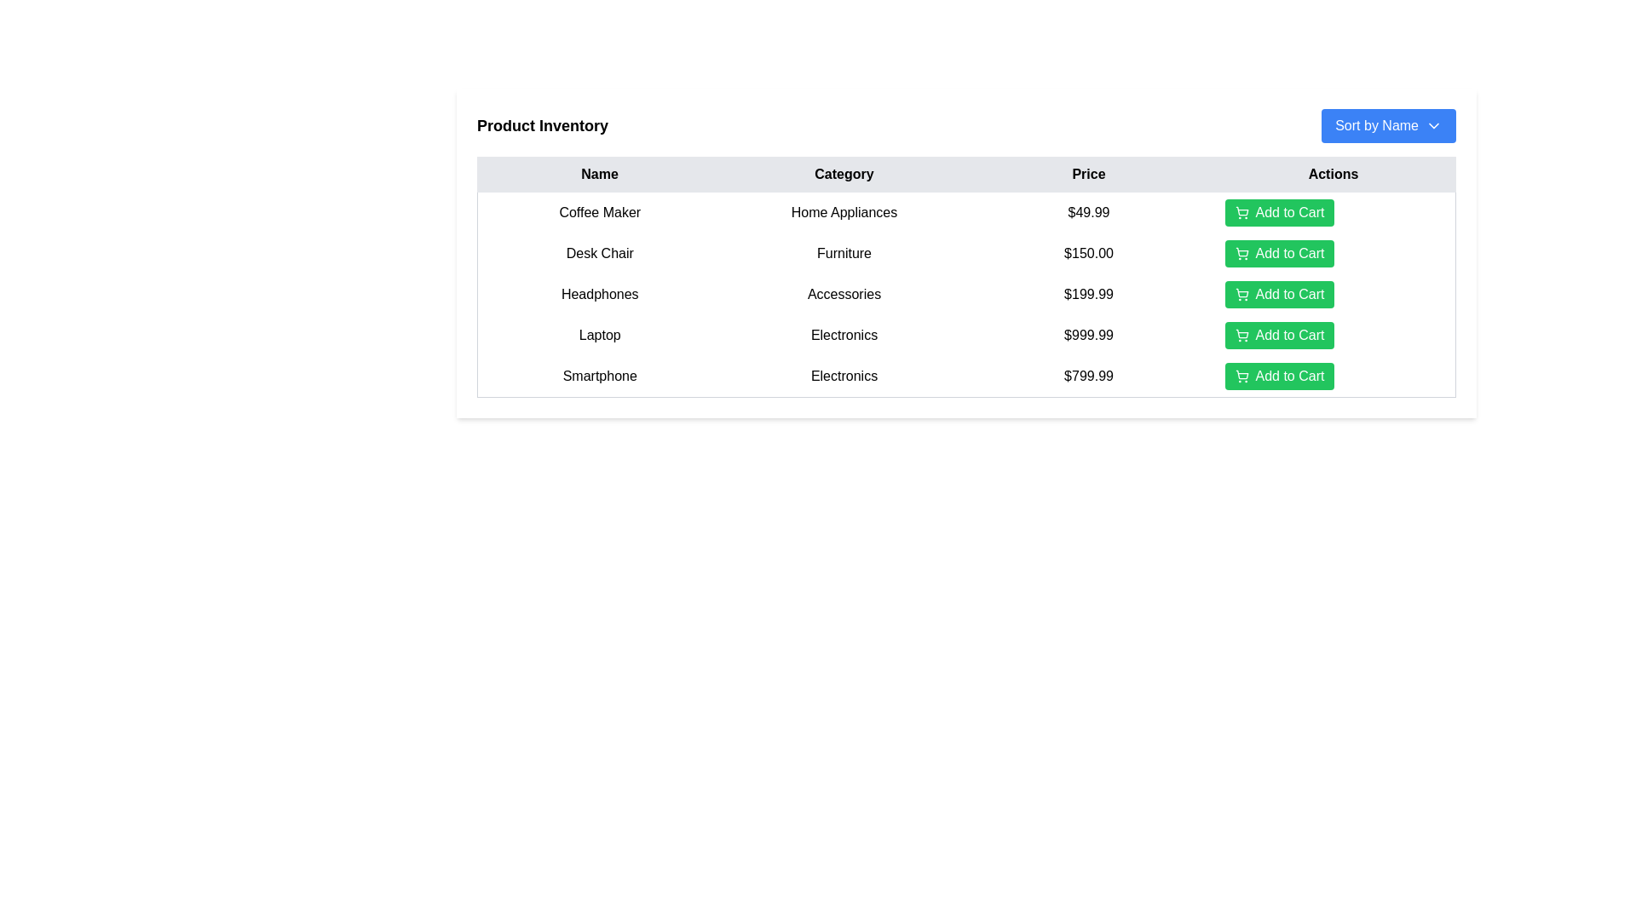 This screenshot has width=1636, height=920. I want to click on the 'Price' column header in the table, which is the third header located between 'Category' and 'Actions', so click(1087, 174).